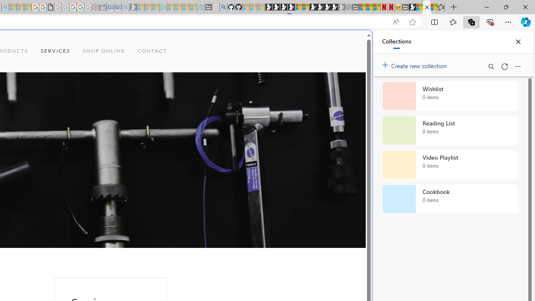  I want to click on 'SERVICES', so click(55, 51).